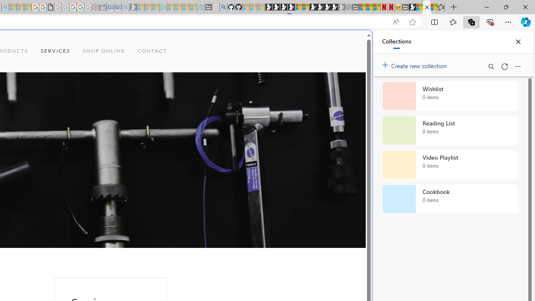  I want to click on 'SERVICES', so click(55, 51).